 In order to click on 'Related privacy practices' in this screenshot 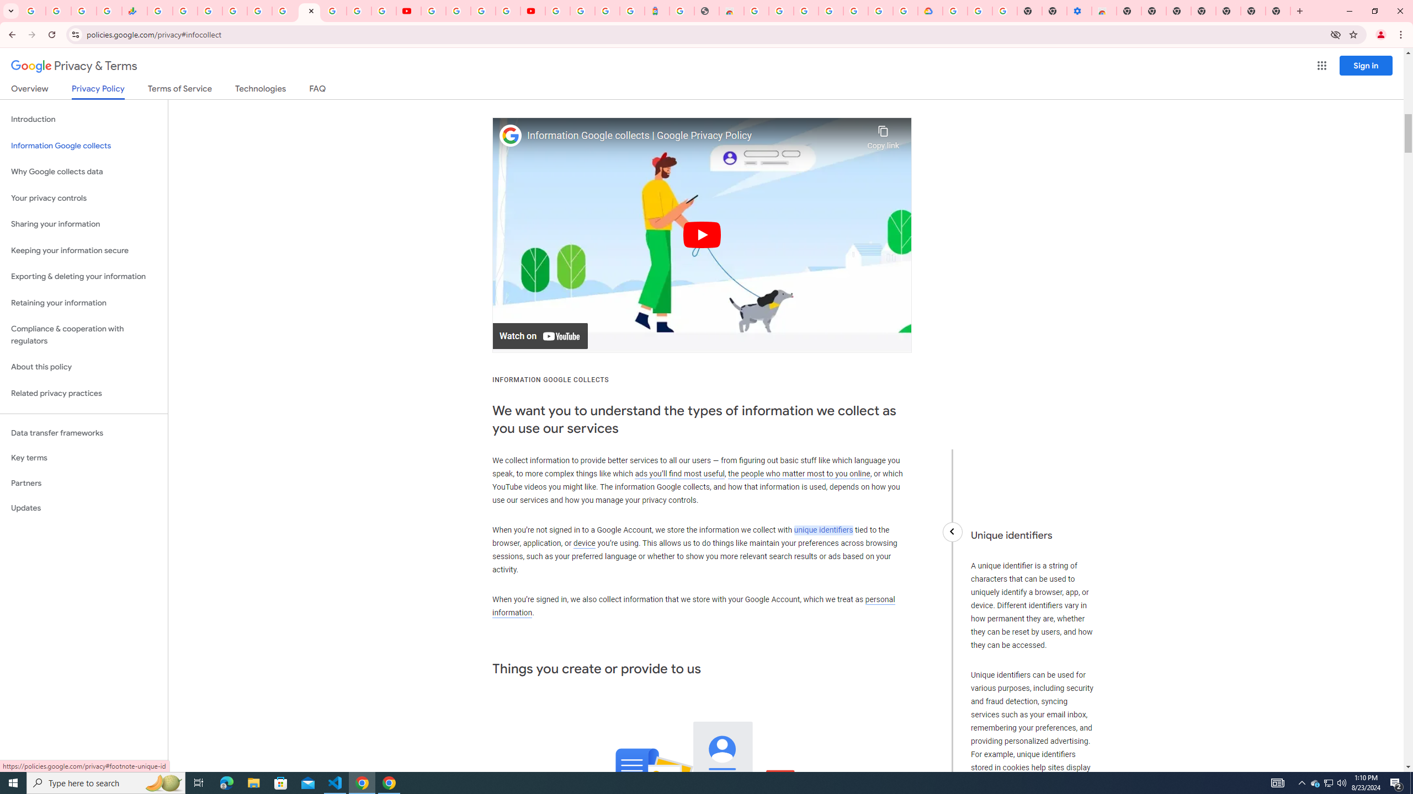, I will do `click(83, 393)`.